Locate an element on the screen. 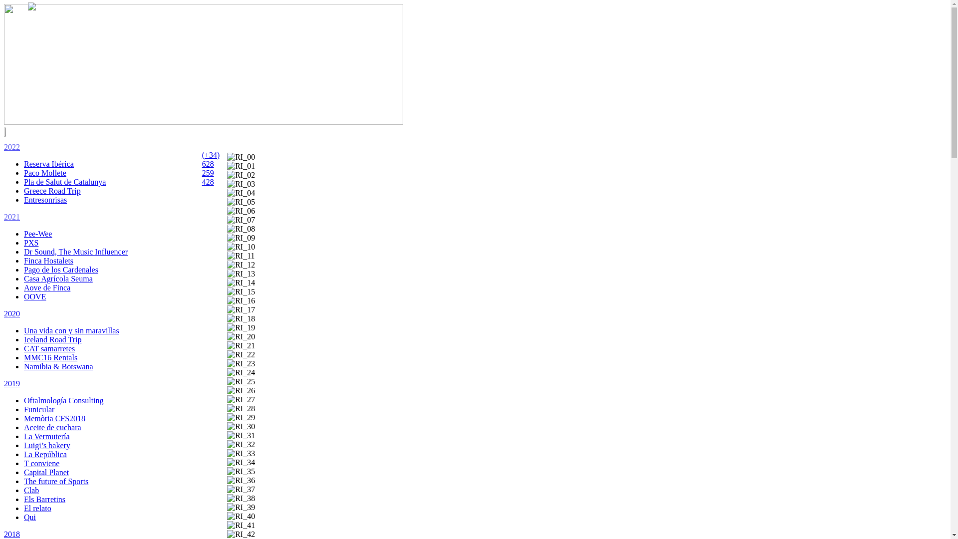  '2019' is located at coordinates (12, 383).